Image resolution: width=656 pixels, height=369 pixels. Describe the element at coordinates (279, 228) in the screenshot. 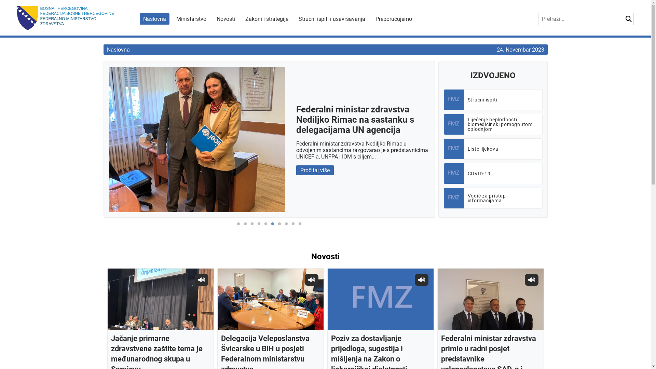

I see `'7'` at that location.